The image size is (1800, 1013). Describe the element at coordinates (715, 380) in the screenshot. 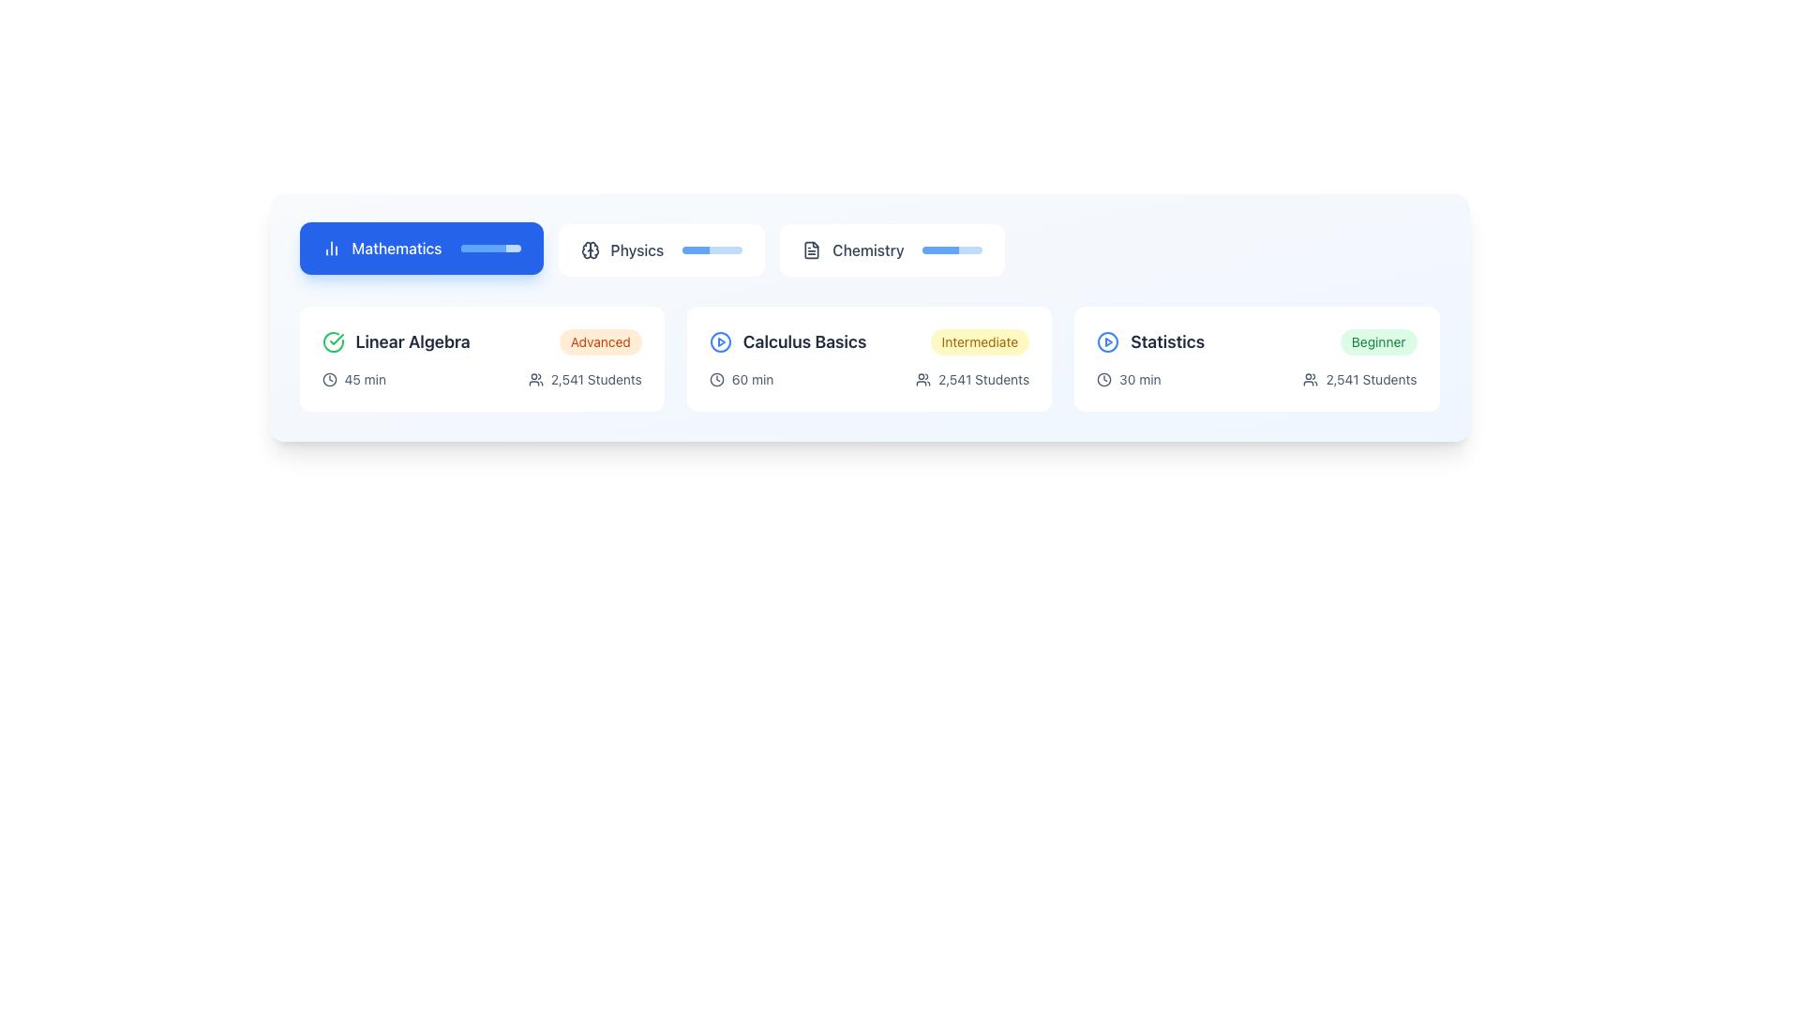

I see `the icon indicating the time duration for the course titled 'Calculus Basics, Intermediate', which is positioned to the left of the '60 min' text` at that location.